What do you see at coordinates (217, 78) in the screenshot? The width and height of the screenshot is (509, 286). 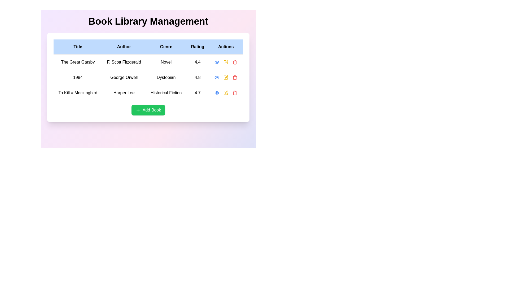 I see `the Icon button located in the 'Actions' column of the first row within the table, which allows users` at bounding box center [217, 78].